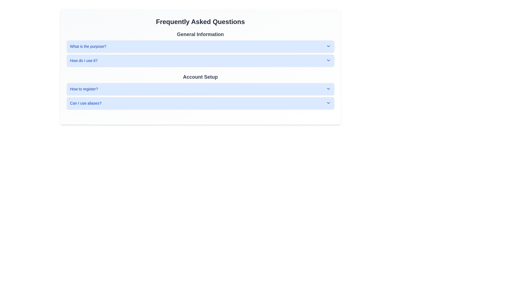 This screenshot has height=295, width=526. Describe the element at coordinates (200, 34) in the screenshot. I see `the 'General Information' text label` at that location.